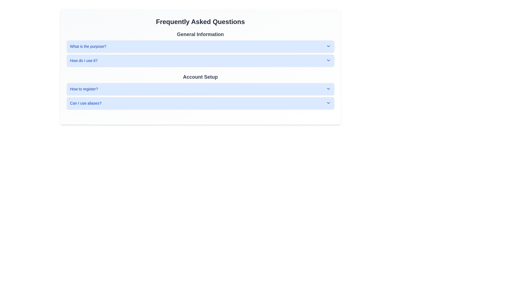 This screenshot has height=295, width=526. Describe the element at coordinates (200, 34) in the screenshot. I see `the 'General Information' text label` at that location.